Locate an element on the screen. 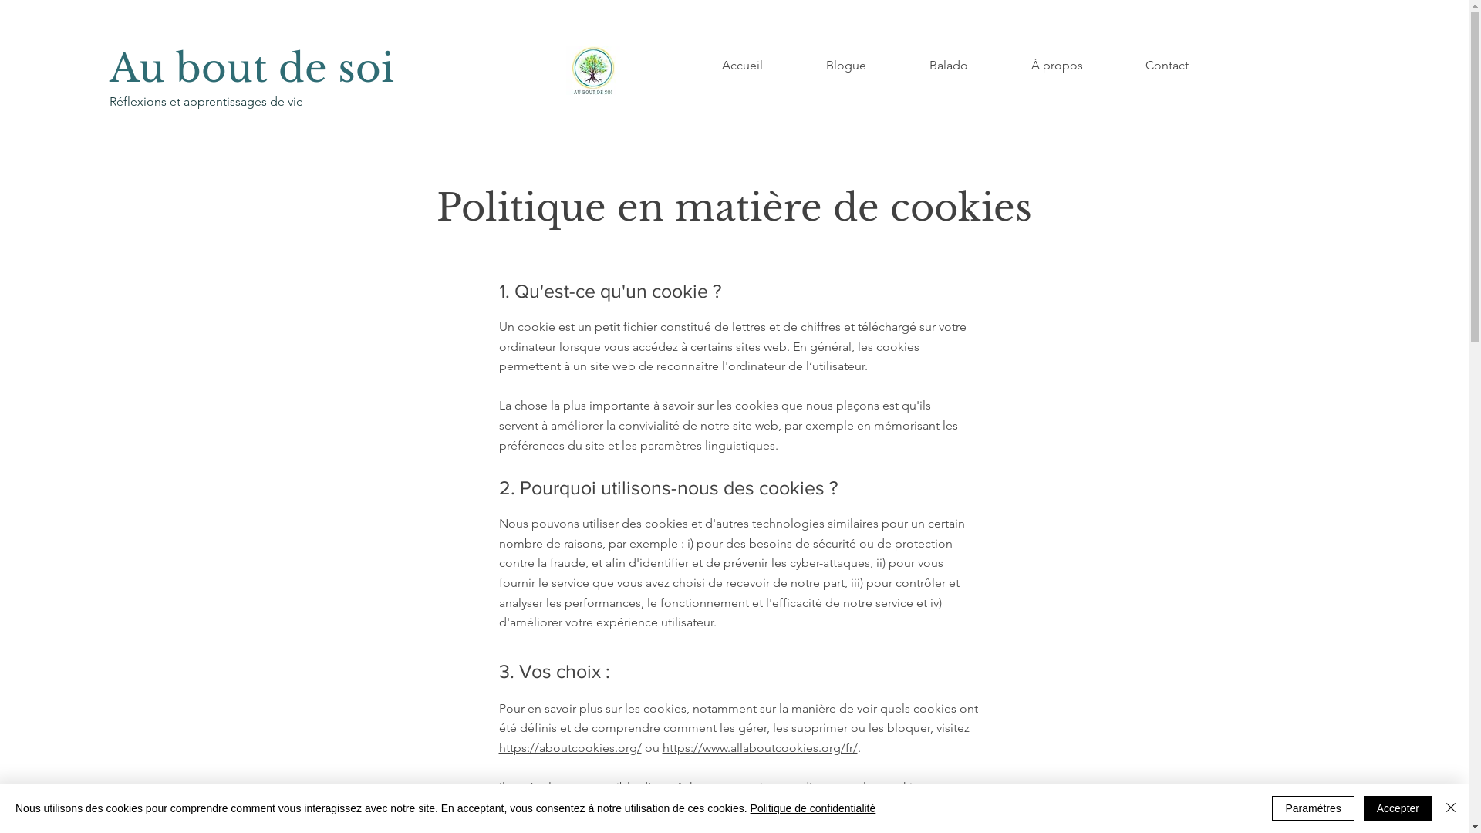  'Blogue' is located at coordinates (794, 64).